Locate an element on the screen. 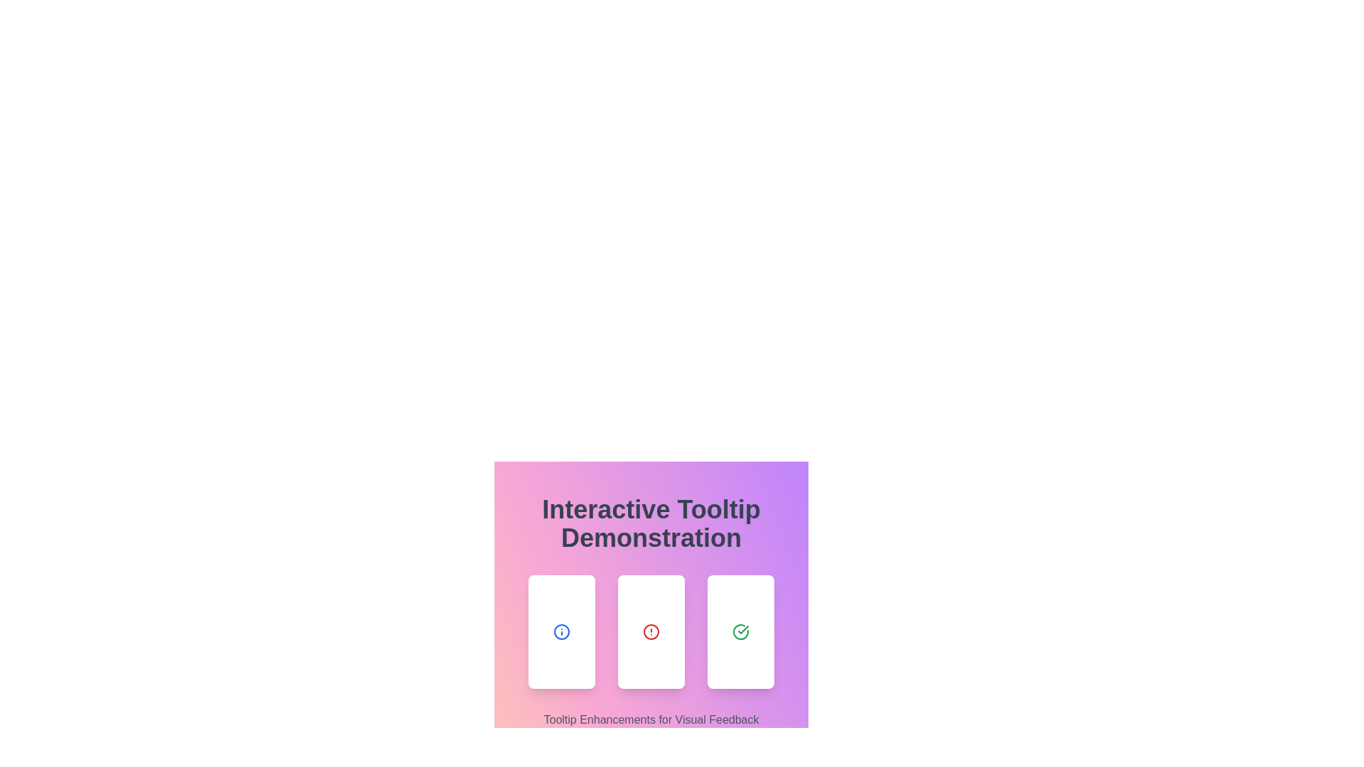 This screenshot has width=1364, height=767. the Informational Icon, which is a blue outlined circle containing the letter 'i', located in the middle of the leftmost tile under the 'Interactive Tooltip Demonstration' section is located at coordinates (561, 631).